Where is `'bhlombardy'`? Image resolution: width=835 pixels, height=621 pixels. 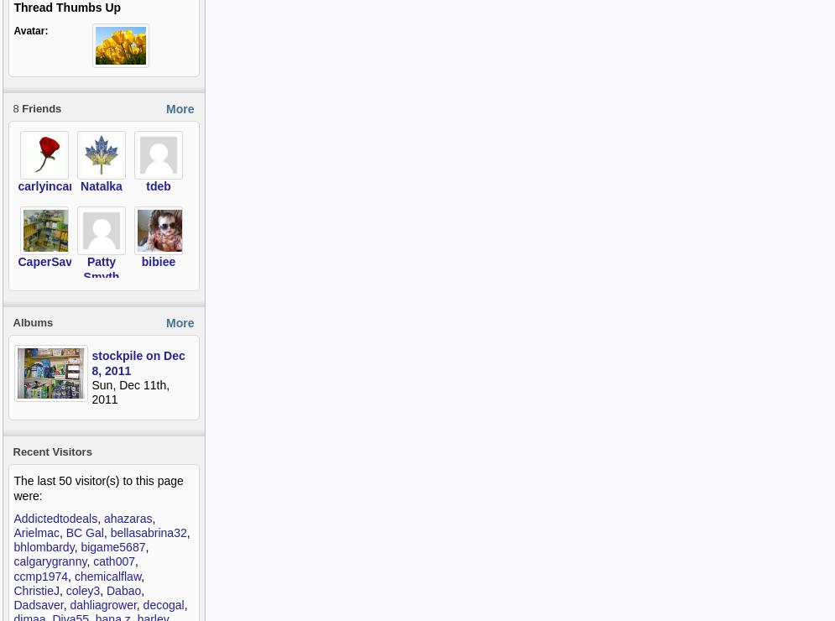 'bhlombardy' is located at coordinates (13, 547).